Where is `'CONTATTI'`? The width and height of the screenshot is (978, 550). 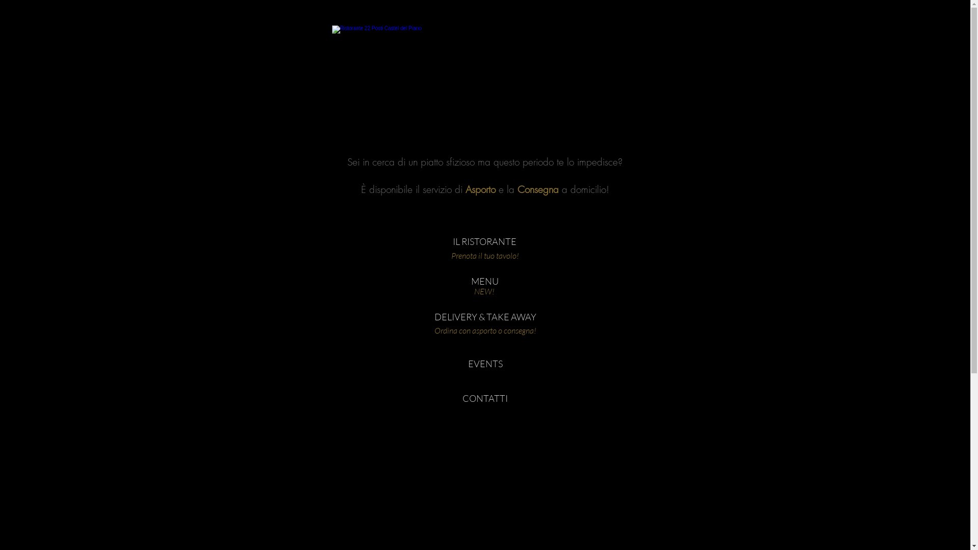 'CONTATTI' is located at coordinates (484, 398).